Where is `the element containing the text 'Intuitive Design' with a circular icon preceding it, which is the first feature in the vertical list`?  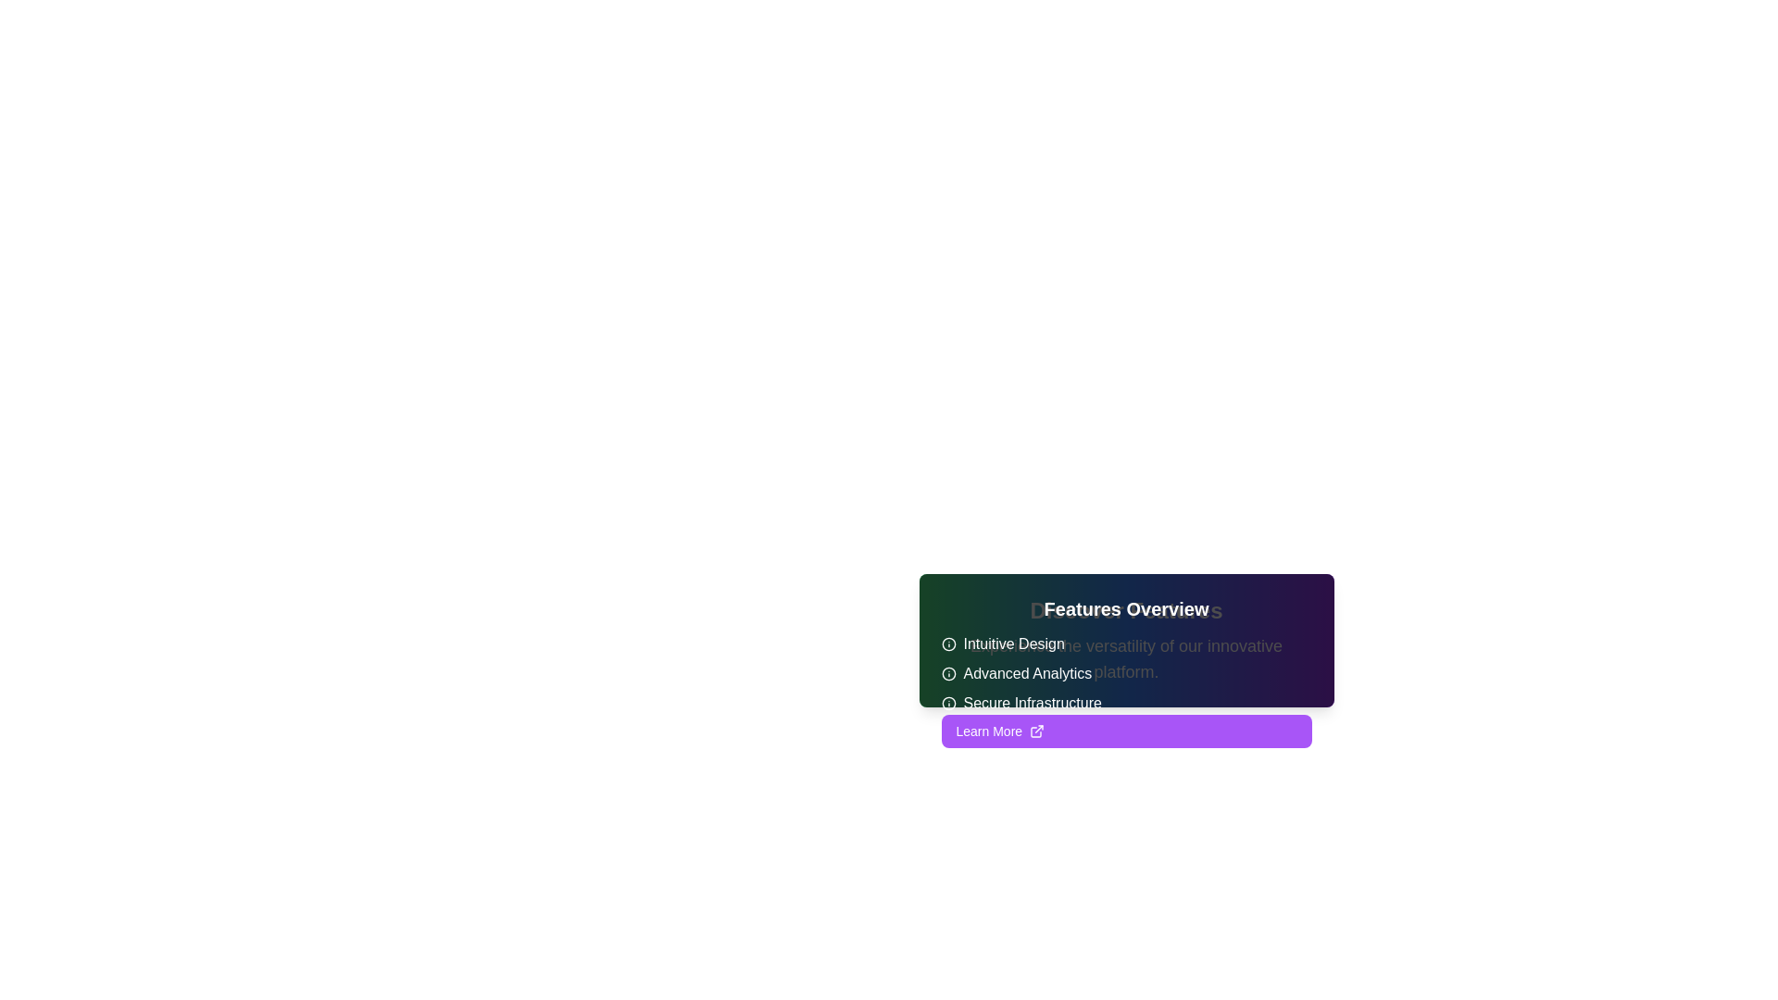
the element containing the text 'Intuitive Design' with a circular icon preceding it, which is the first feature in the vertical list is located at coordinates (1125, 643).